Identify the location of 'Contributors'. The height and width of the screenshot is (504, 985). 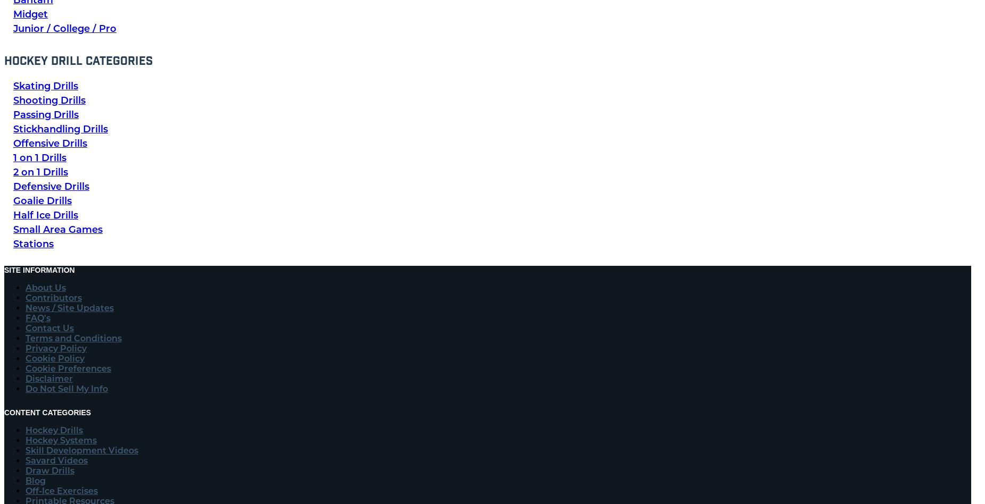
(53, 297).